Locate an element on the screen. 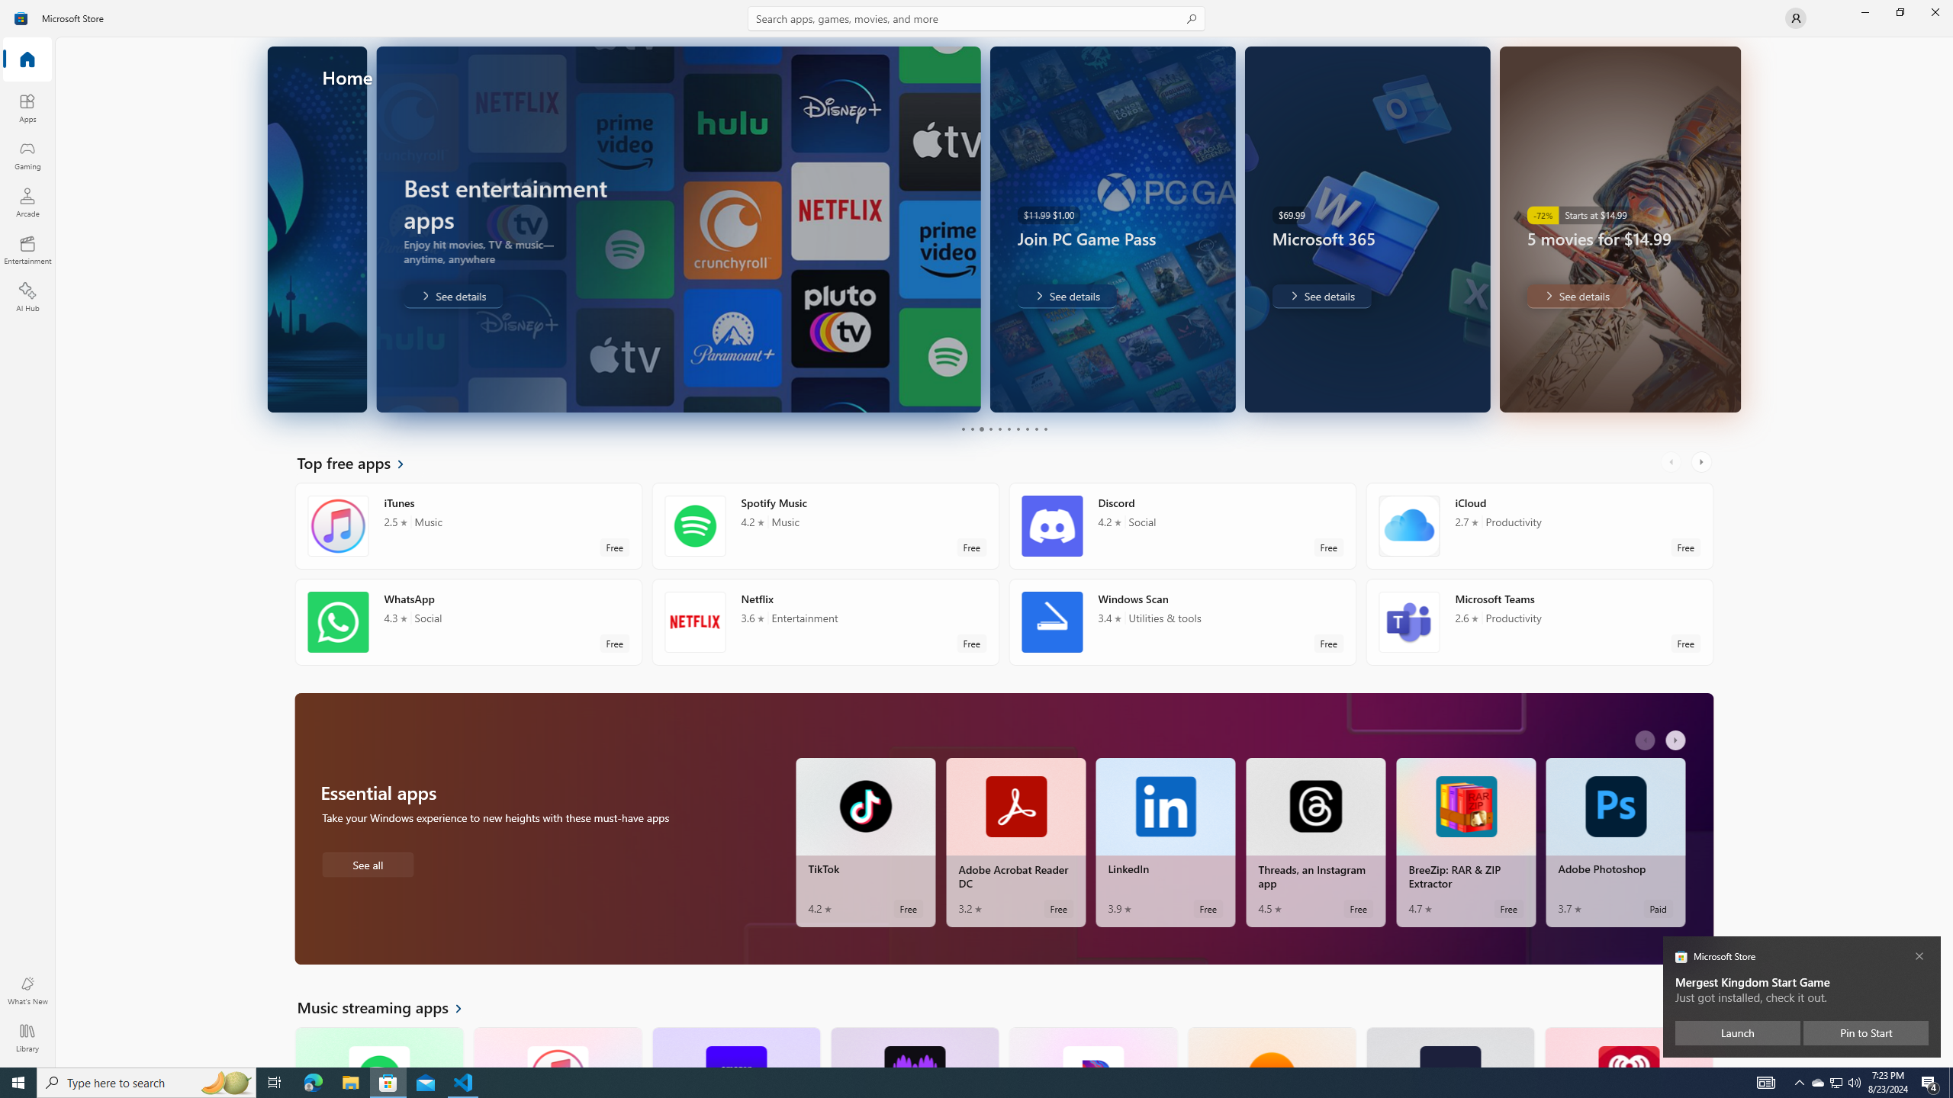 The width and height of the screenshot is (1953, 1098). 'Entertainment' is located at coordinates (26, 249).